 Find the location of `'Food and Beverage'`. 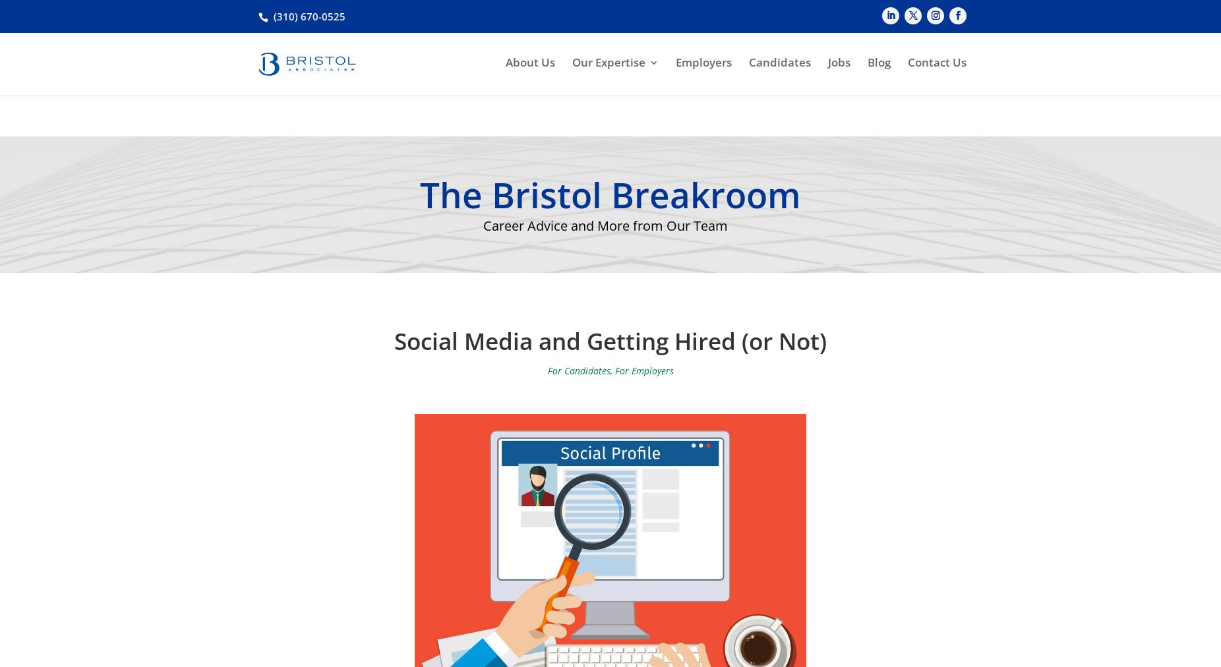

'Food and Beverage' is located at coordinates (628, 172).